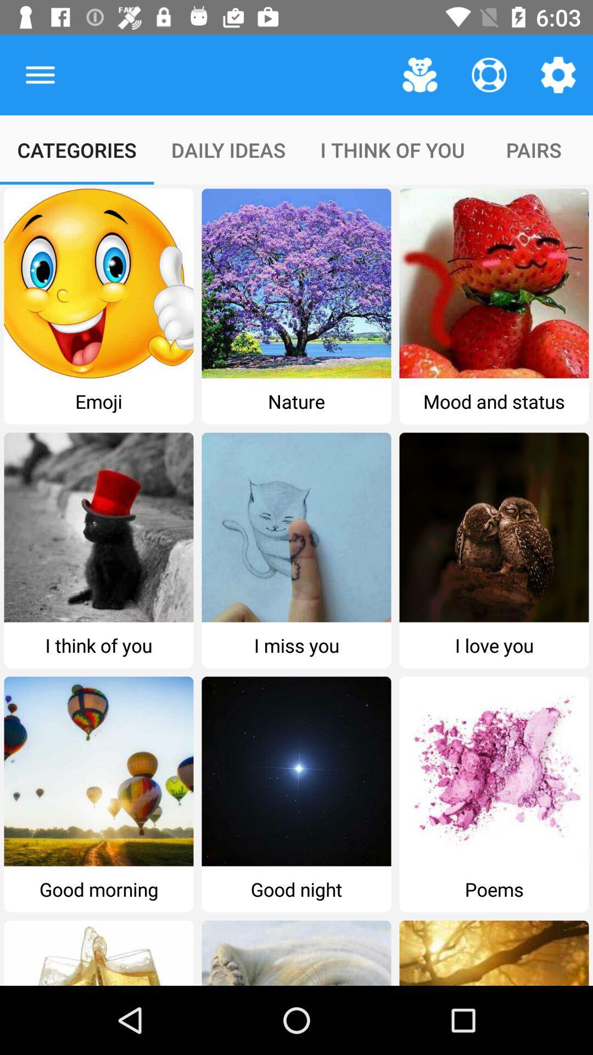  What do you see at coordinates (558, 74) in the screenshot?
I see `the icon above the pairs` at bounding box center [558, 74].